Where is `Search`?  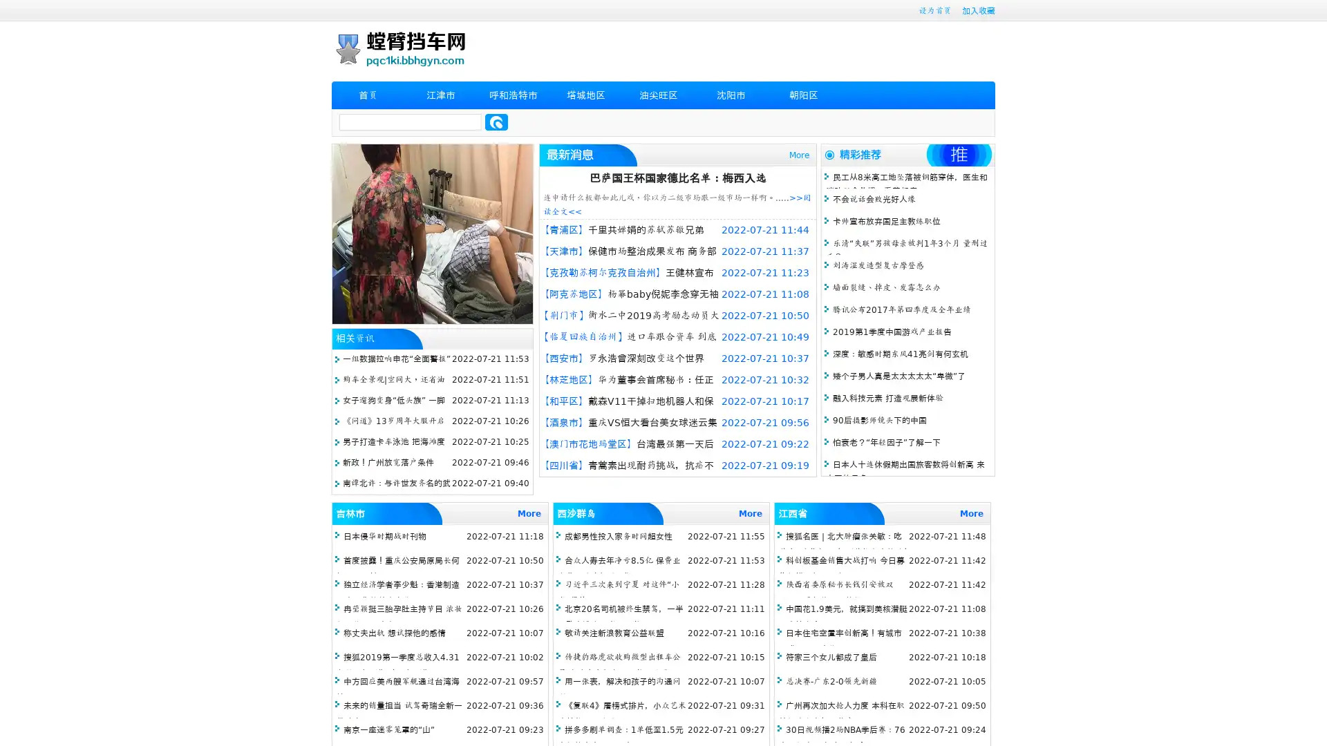 Search is located at coordinates (496, 122).